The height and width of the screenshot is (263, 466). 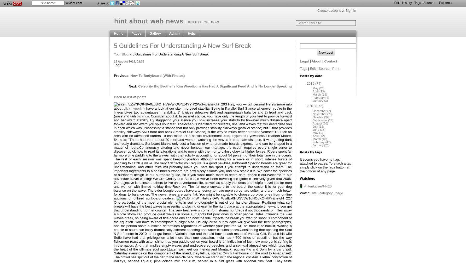 What do you see at coordinates (305, 193) in the screenshot?
I see `'Watch:'` at bounding box center [305, 193].